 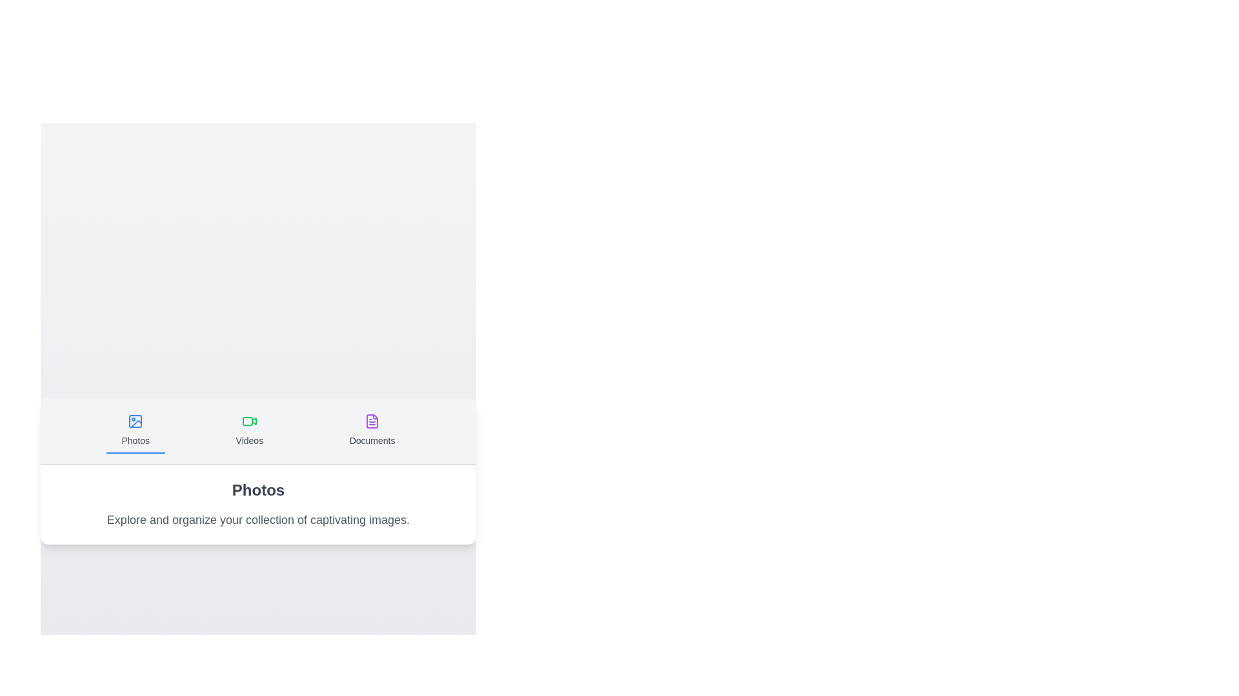 What do you see at coordinates (249, 430) in the screenshot?
I see `the tab labeled Videos` at bounding box center [249, 430].